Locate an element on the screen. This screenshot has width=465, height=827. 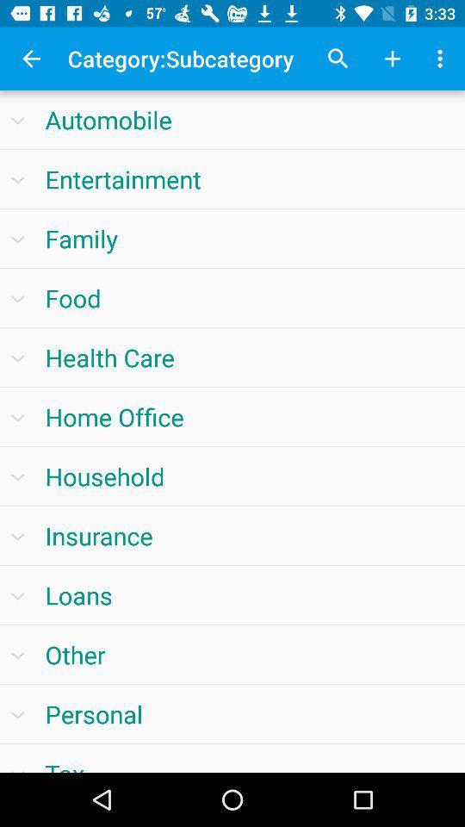
item above the automobile icon is located at coordinates (392, 59).